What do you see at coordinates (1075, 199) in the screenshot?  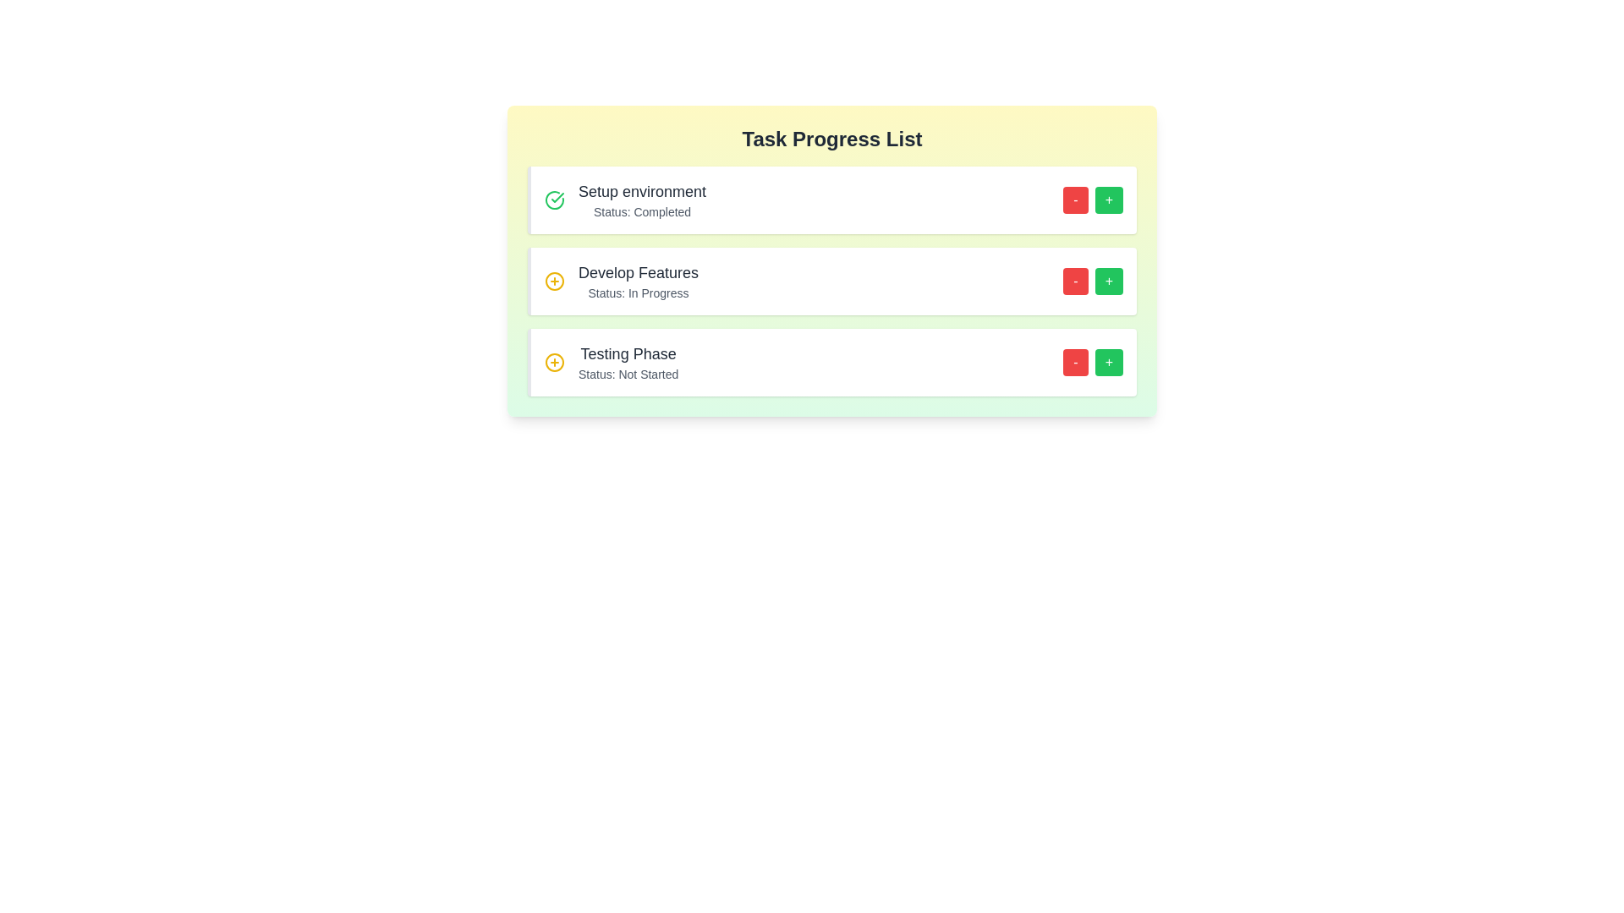 I see `the decrease button for the task 'Setup environment'` at bounding box center [1075, 199].